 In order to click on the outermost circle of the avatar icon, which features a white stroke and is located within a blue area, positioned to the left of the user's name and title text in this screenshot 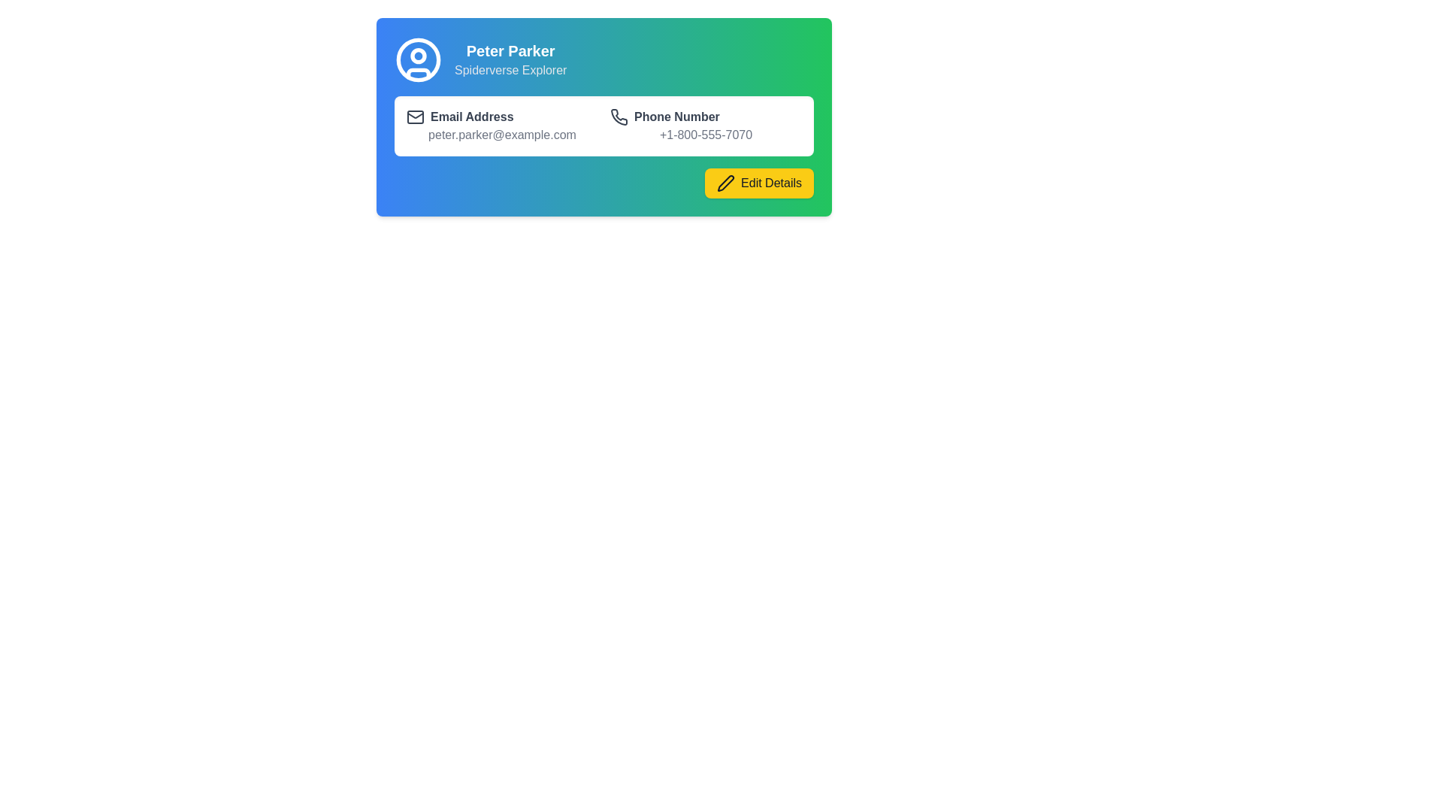, I will do `click(418, 59)`.